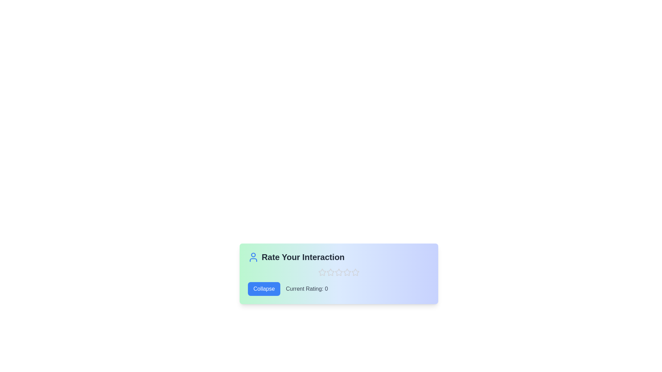 The image size is (662, 372). What do you see at coordinates (355, 272) in the screenshot?
I see `the star corresponding to the desired rating 5` at bounding box center [355, 272].